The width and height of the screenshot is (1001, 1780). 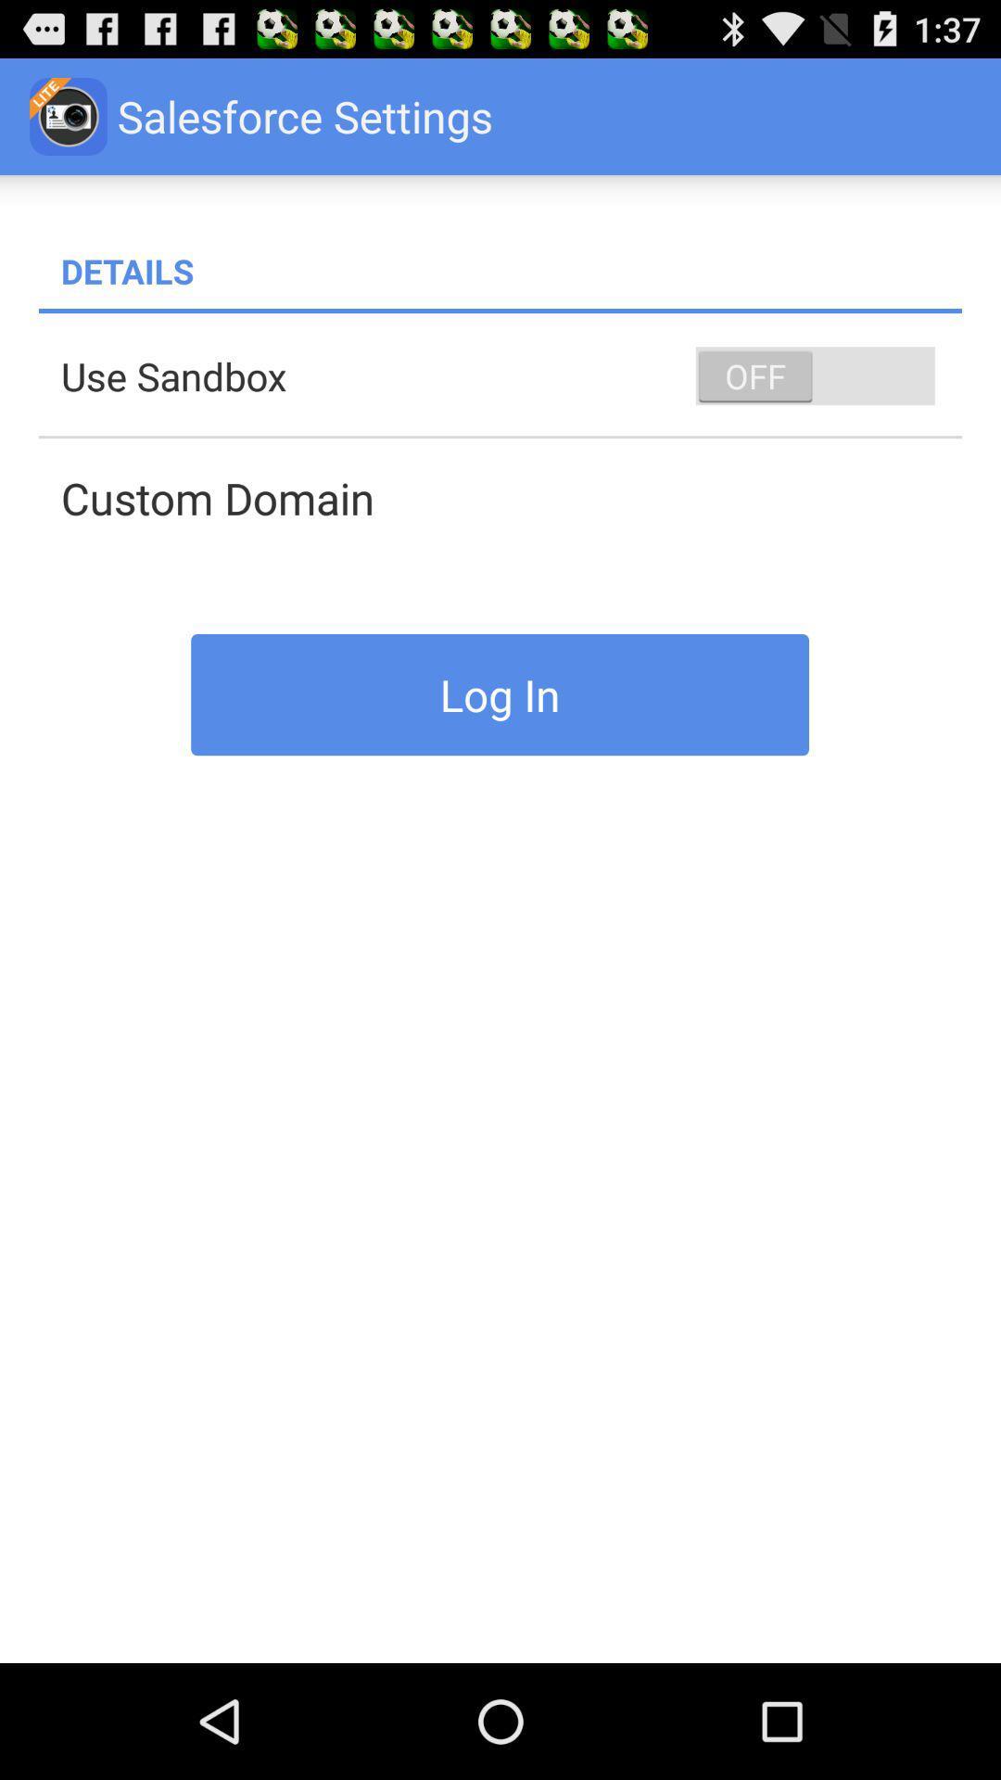 What do you see at coordinates (499, 693) in the screenshot?
I see `the log in icon` at bounding box center [499, 693].